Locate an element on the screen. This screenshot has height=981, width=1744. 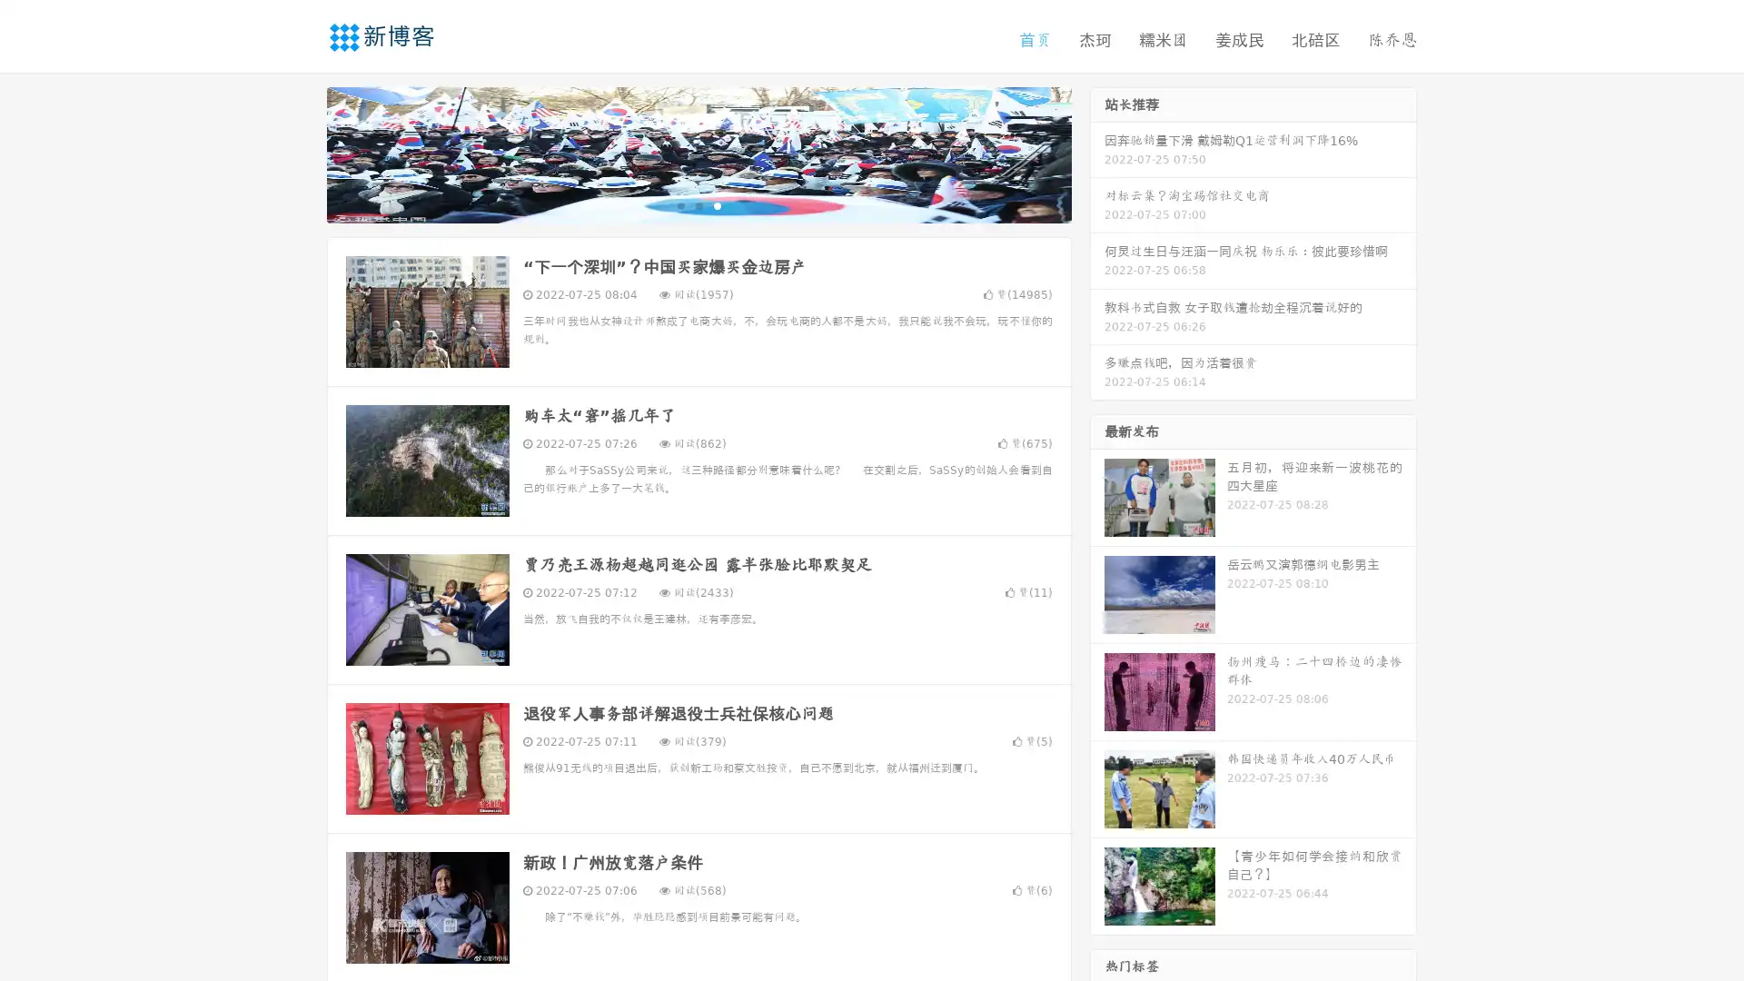
Go to slide 2 is located at coordinates (698, 204).